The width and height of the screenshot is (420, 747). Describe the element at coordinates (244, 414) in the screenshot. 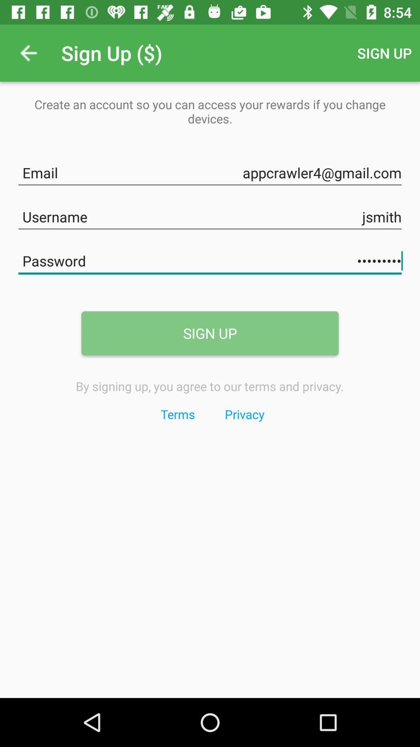

I see `privacy shown right to terms` at that location.